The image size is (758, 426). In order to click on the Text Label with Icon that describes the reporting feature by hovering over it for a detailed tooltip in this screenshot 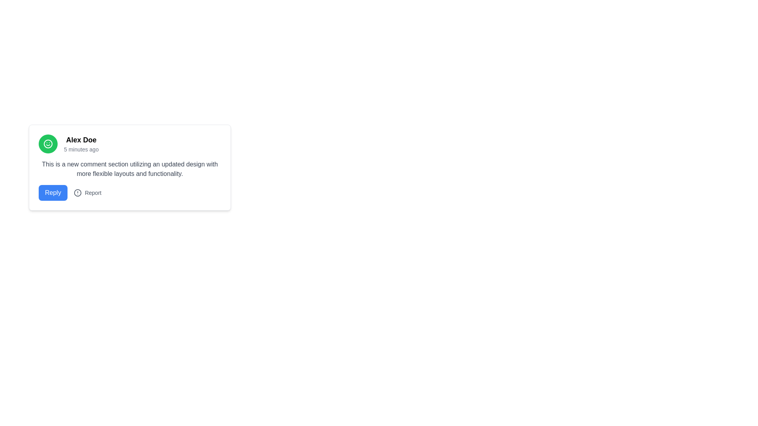, I will do `click(87, 193)`.